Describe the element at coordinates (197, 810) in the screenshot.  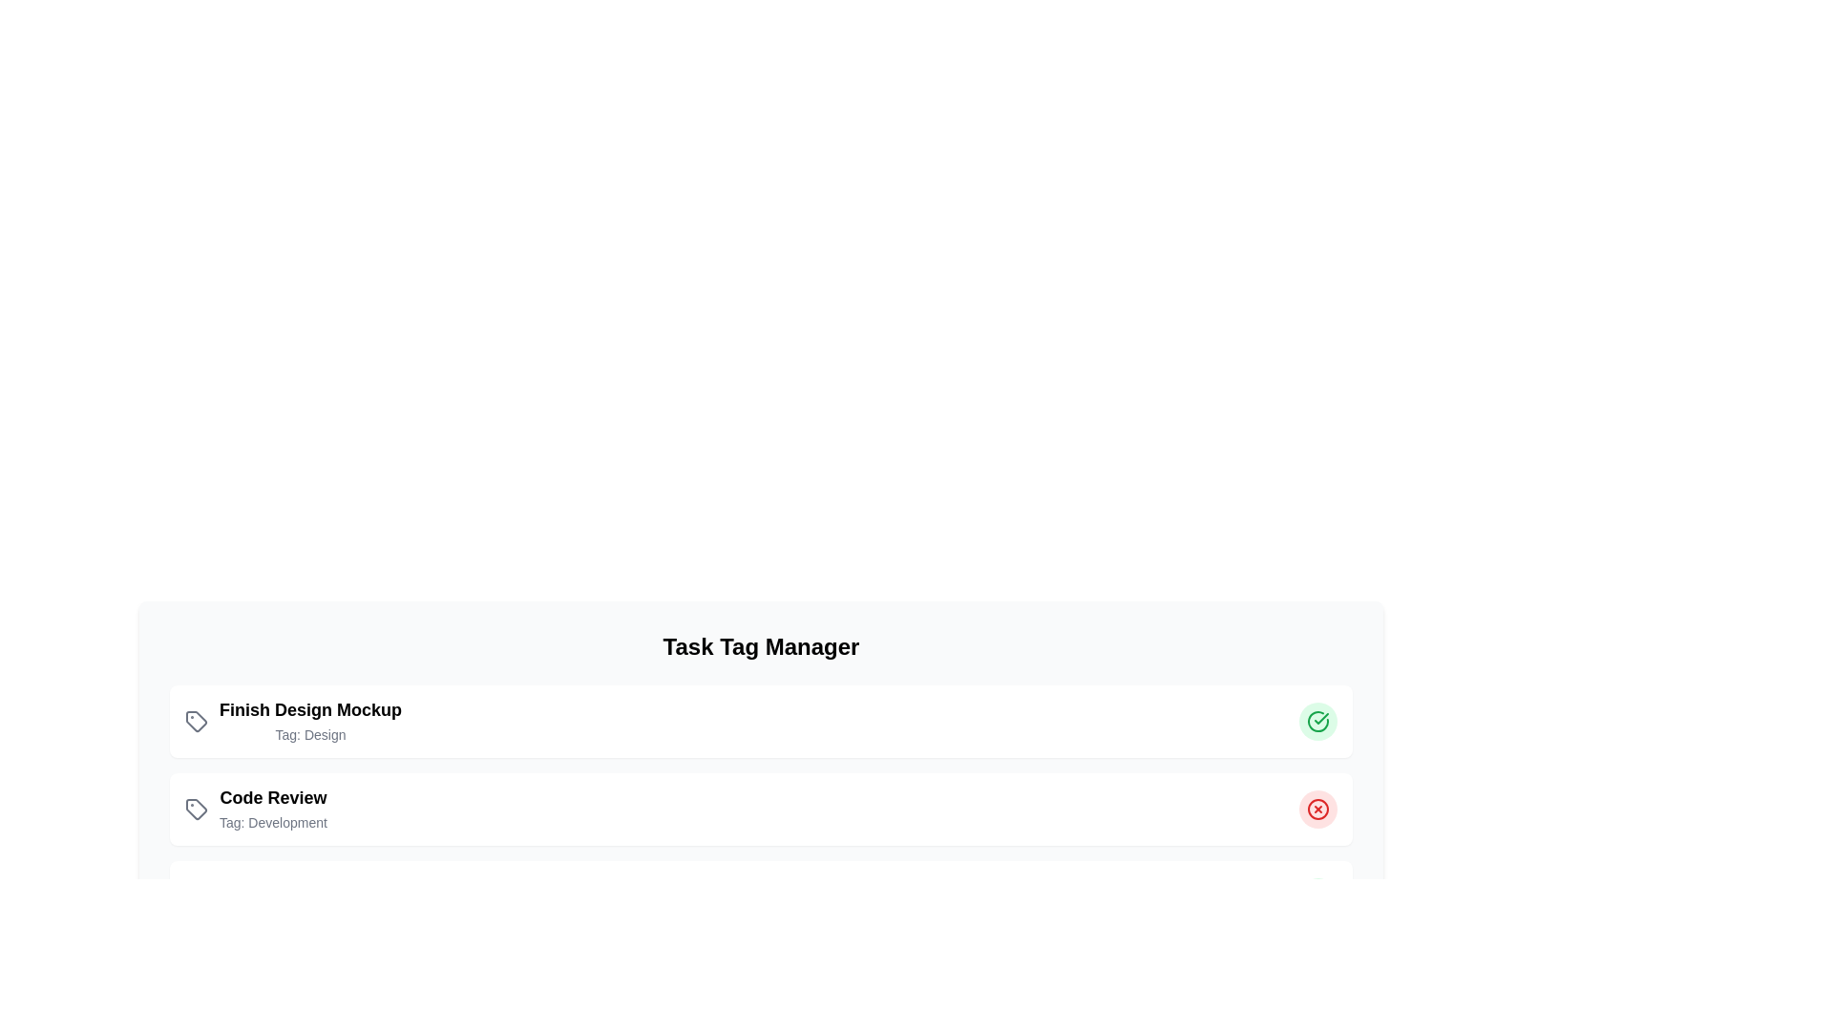
I see `the tag icon located in the 'Code Review' section, which visually denotes the 'tag' category for the 'Code Review' content` at that location.